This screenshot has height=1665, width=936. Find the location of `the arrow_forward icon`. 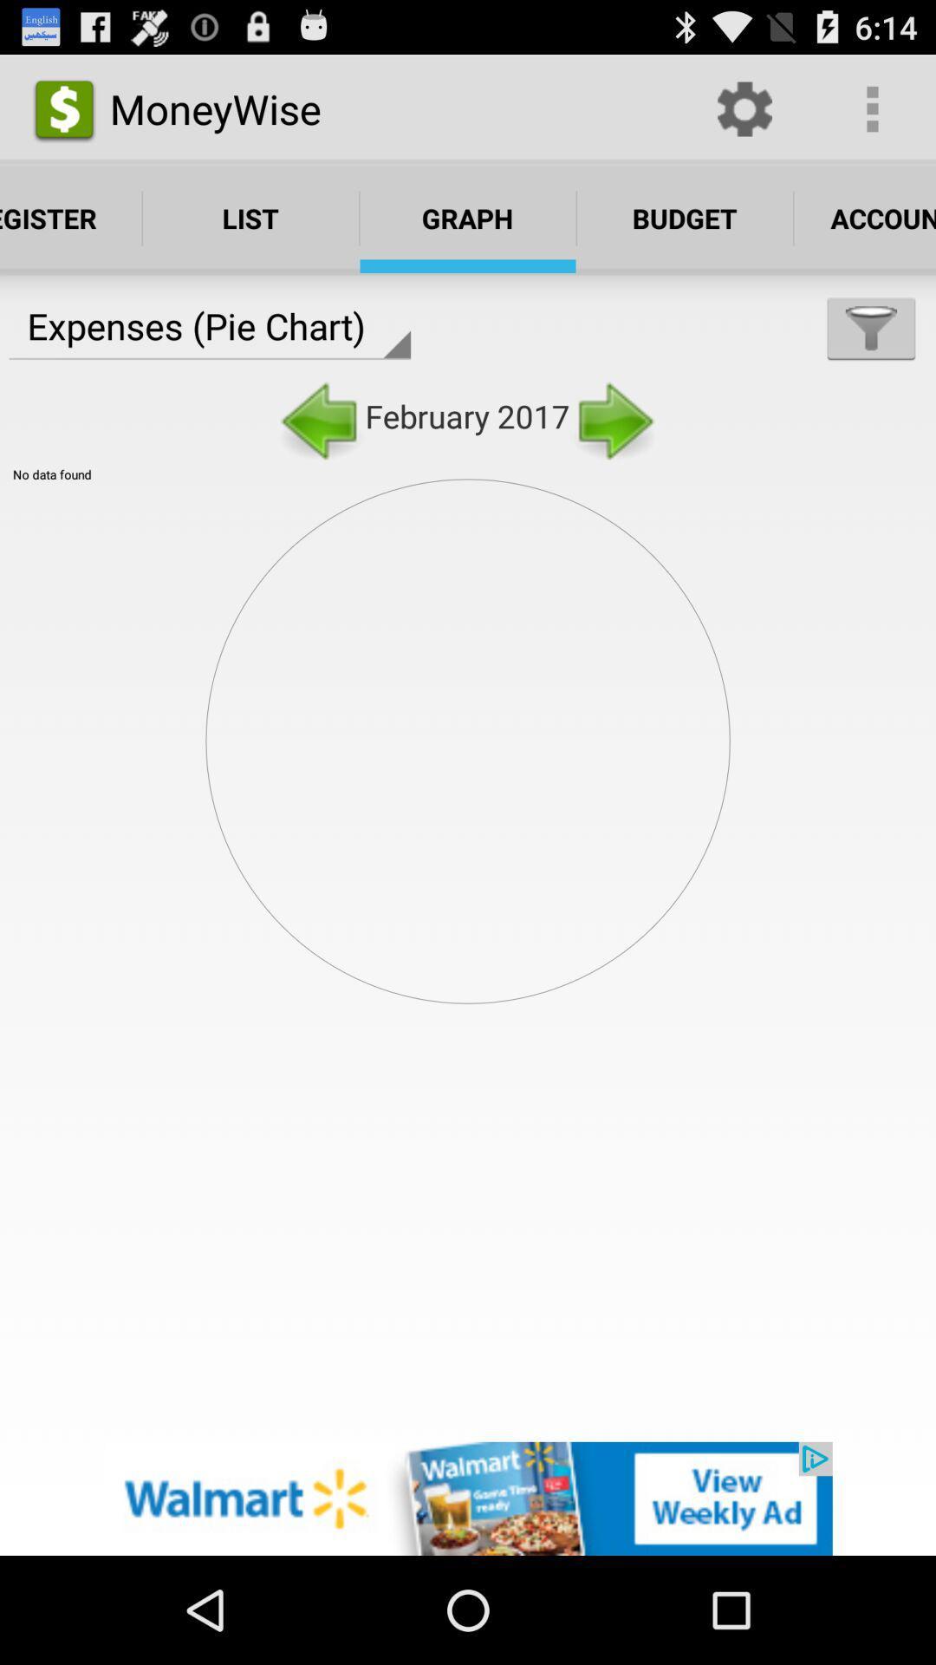

the arrow_forward icon is located at coordinates (612, 446).